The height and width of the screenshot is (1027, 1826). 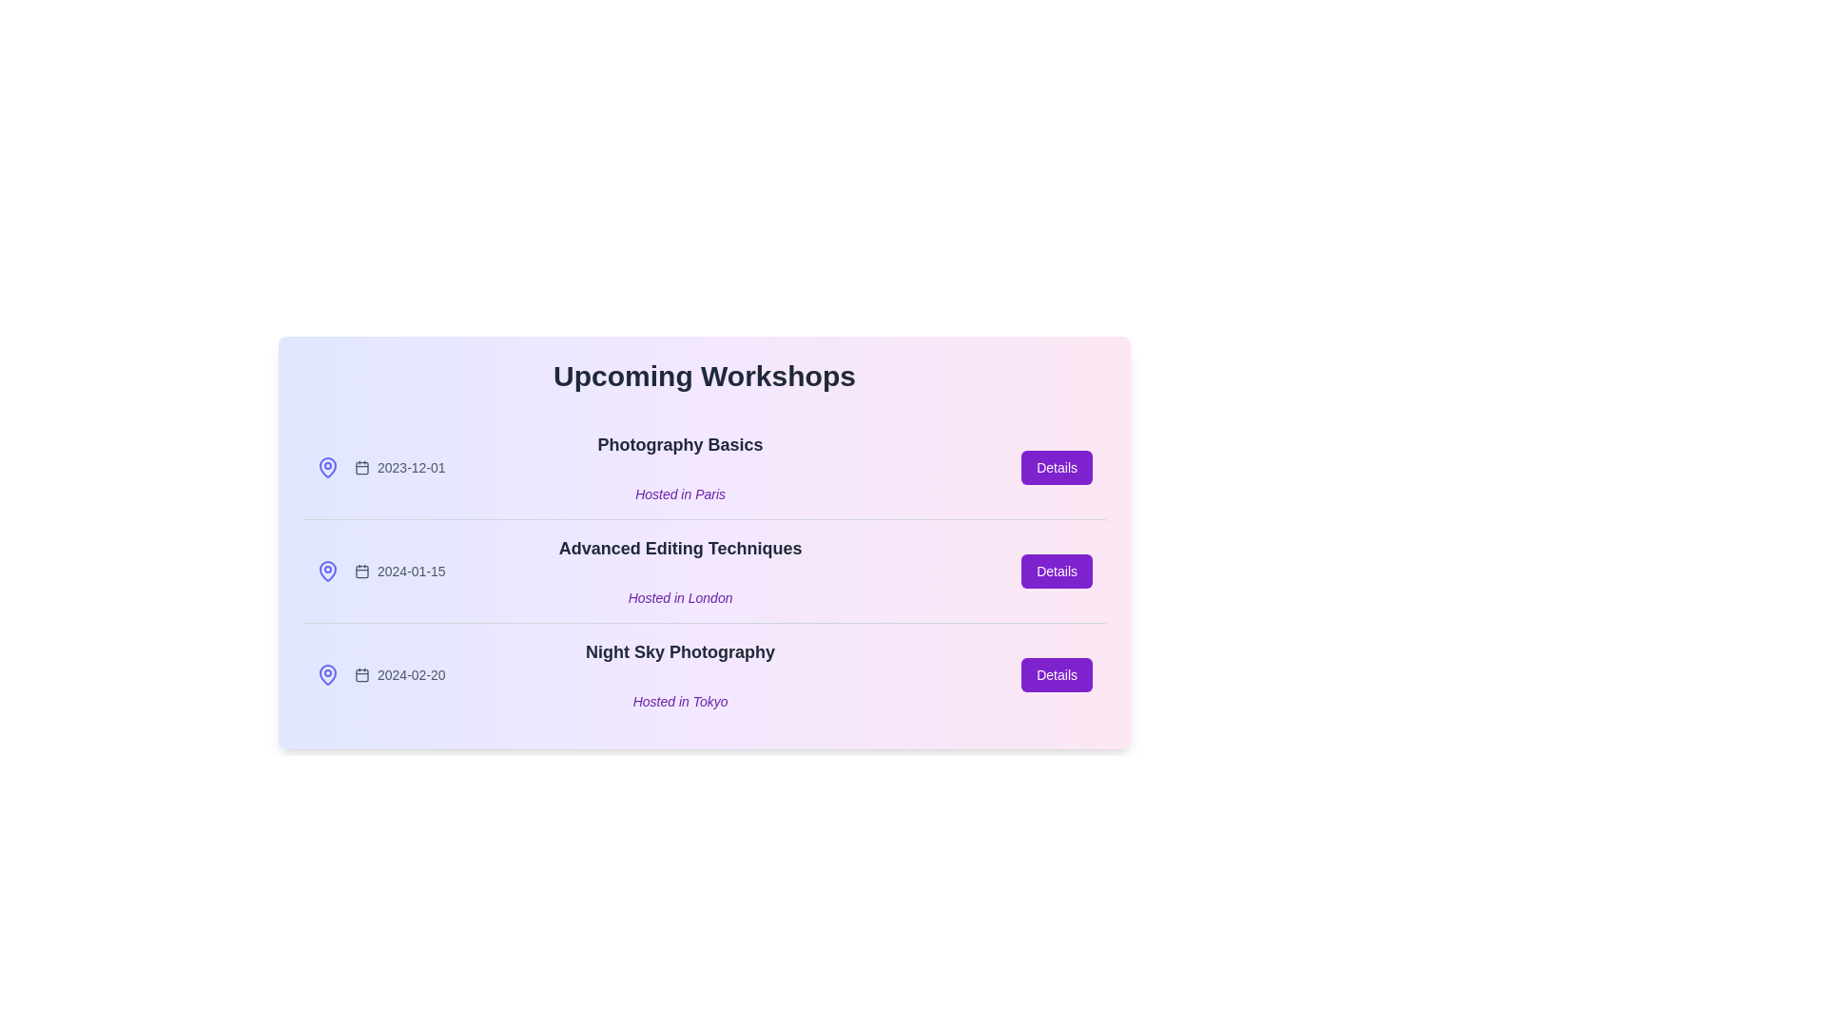 I want to click on the 'Details' button for the workshop titled 'Advanced Editing Techniques', so click(x=1056, y=571).